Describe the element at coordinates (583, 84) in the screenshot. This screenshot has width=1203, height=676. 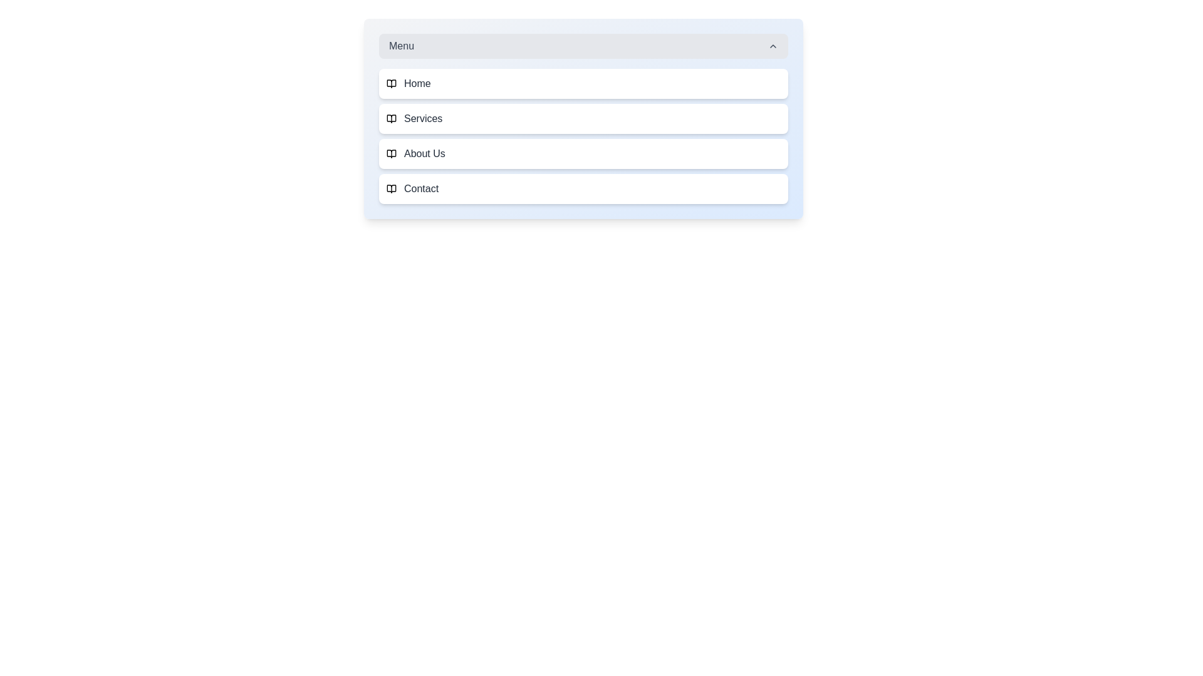
I see `the clickable hyperlink menu item located at the top of the menu list beneath the 'Menu' title bar` at that location.